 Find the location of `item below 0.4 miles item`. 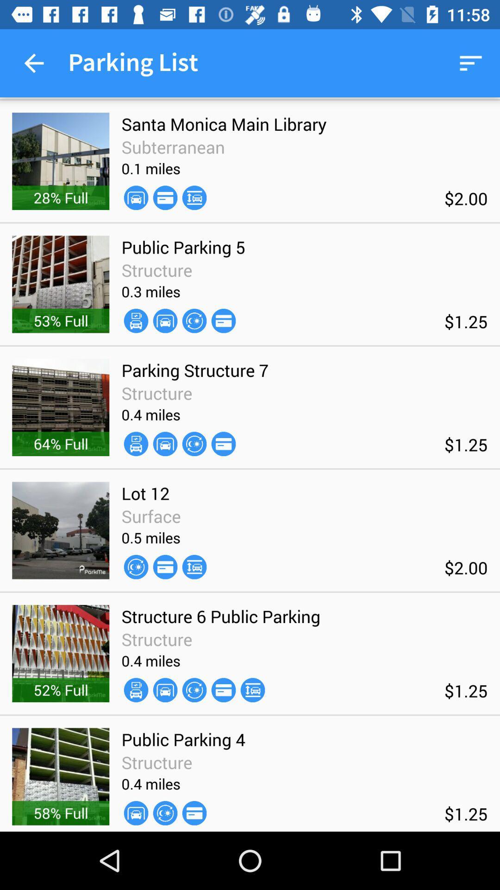

item below 0.4 miles item is located at coordinates (165, 690).